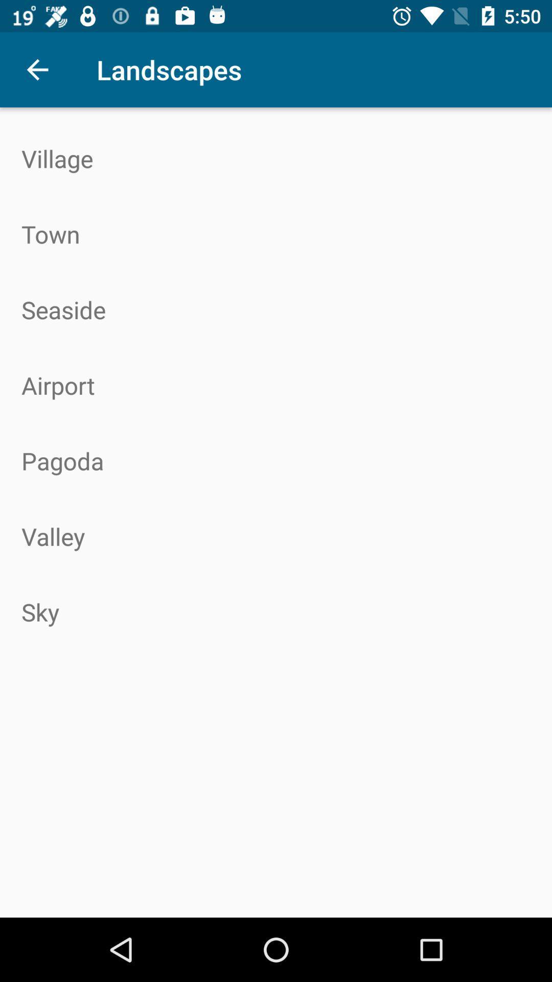  What do you see at coordinates (37, 69) in the screenshot?
I see `item to the left of the landscapes` at bounding box center [37, 69].